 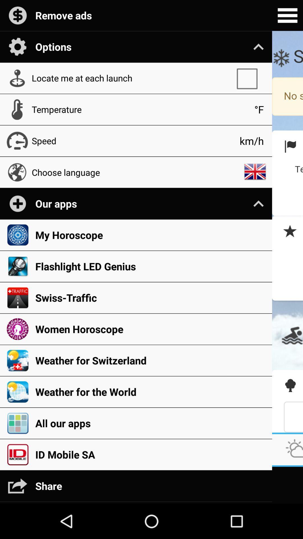 I want to click on id mobile sa item, so click(x=150, y=455).